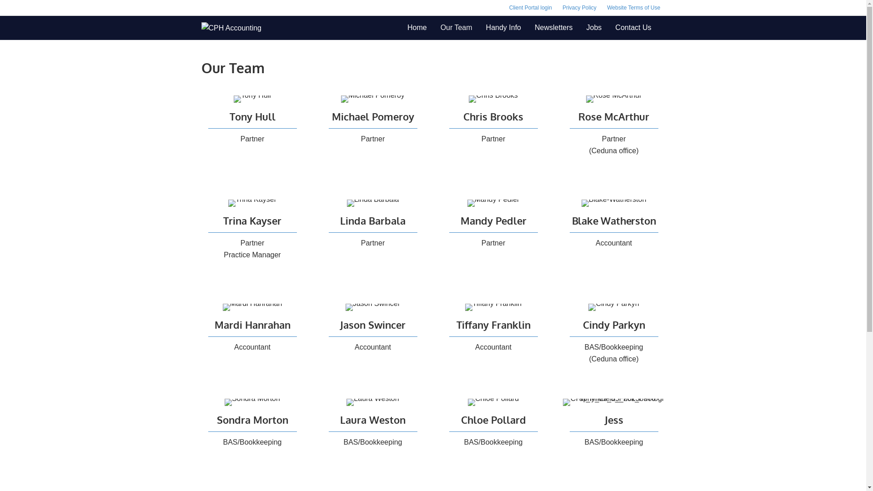  What do you see at coordinates (614, 203) in the screenshot?
I see `'Blake-Watherston'` at bounding box center [614, 203].